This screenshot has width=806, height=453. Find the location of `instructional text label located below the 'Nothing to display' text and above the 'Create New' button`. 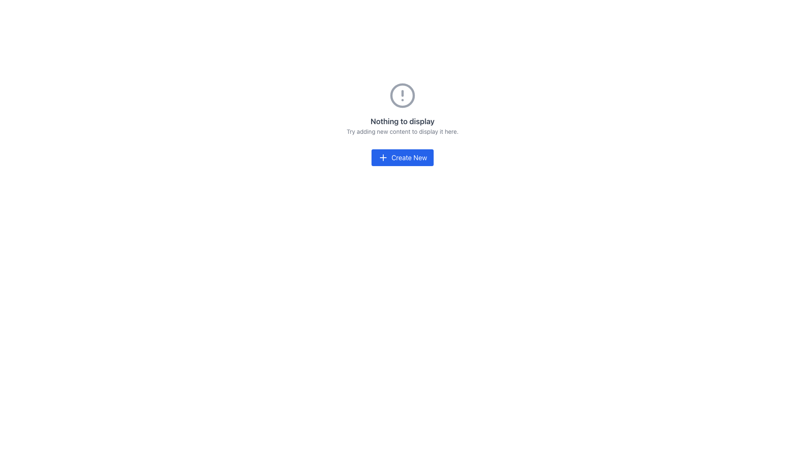

instructional text label located below the 'Nothing to display' text and above the 'Create New' button is located at coordinates (402, 131).